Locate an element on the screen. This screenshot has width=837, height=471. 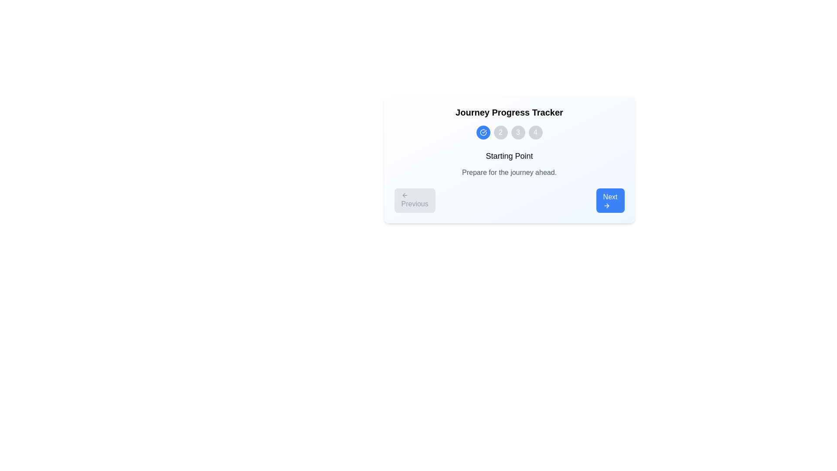
the vector icon element shaped like a right-pointing arrowhead, which serves as a visual indicator for progression next to the 'Next' button is located at coordinates (607, 205).